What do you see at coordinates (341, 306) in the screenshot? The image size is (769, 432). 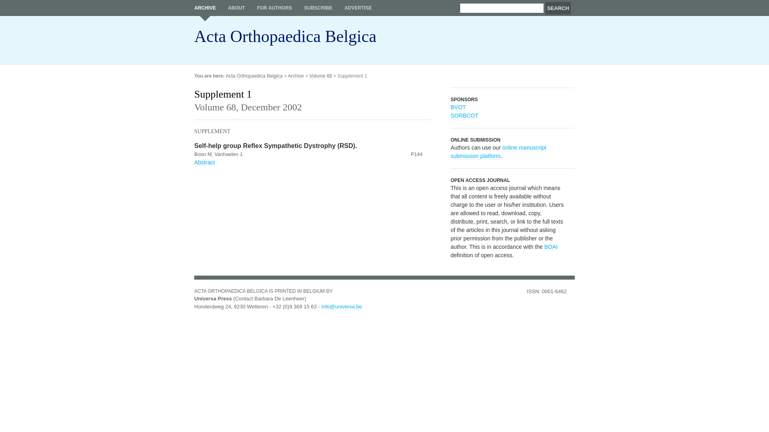 I see `'info@universa.be'` at bounding box center [341, 306].